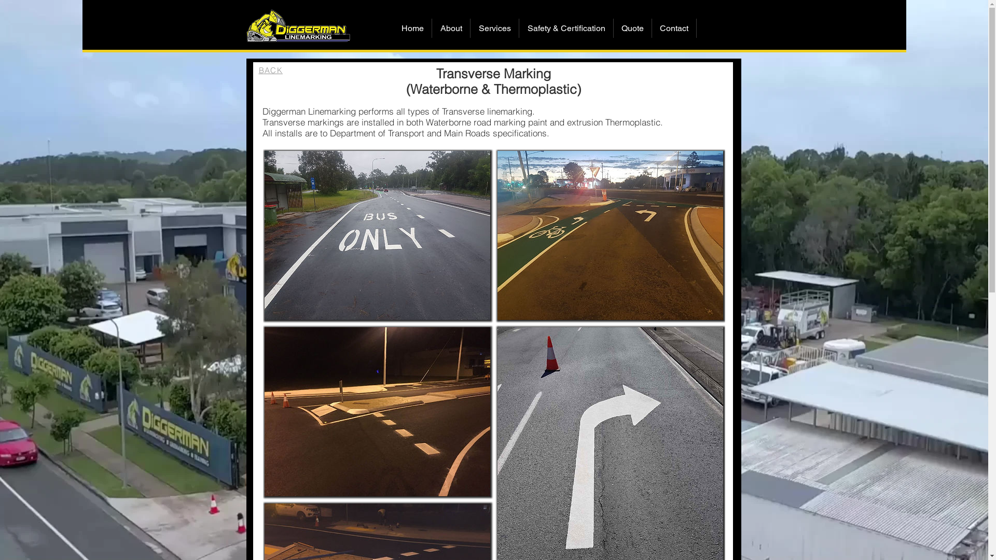  What do you see at coordinates (494, 27) in the screenshot?
I see `'Services'` at bounding box center [494, 27].